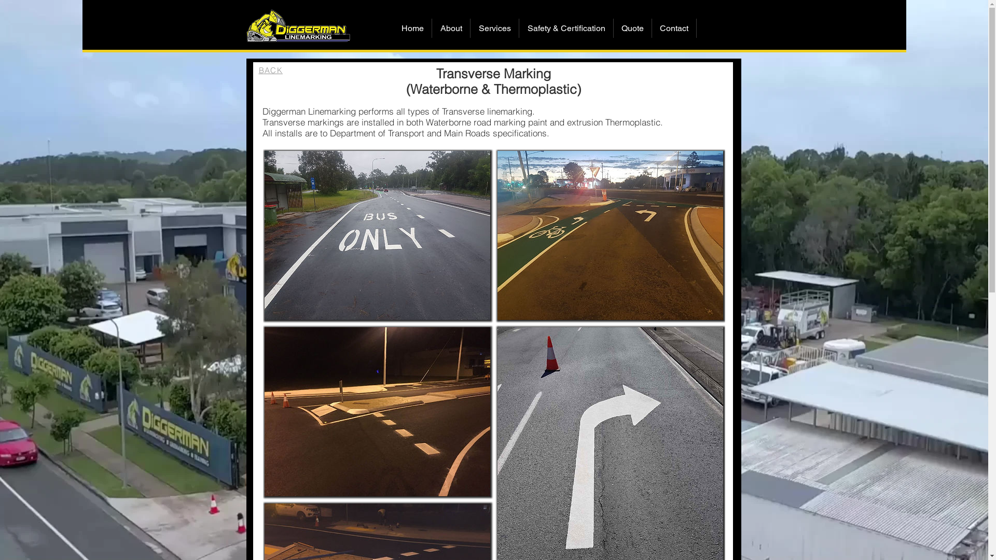  What do you see at coordinates (494, 27) in the screenshot?
I see `'Services'` at bounding box center [494, 27].